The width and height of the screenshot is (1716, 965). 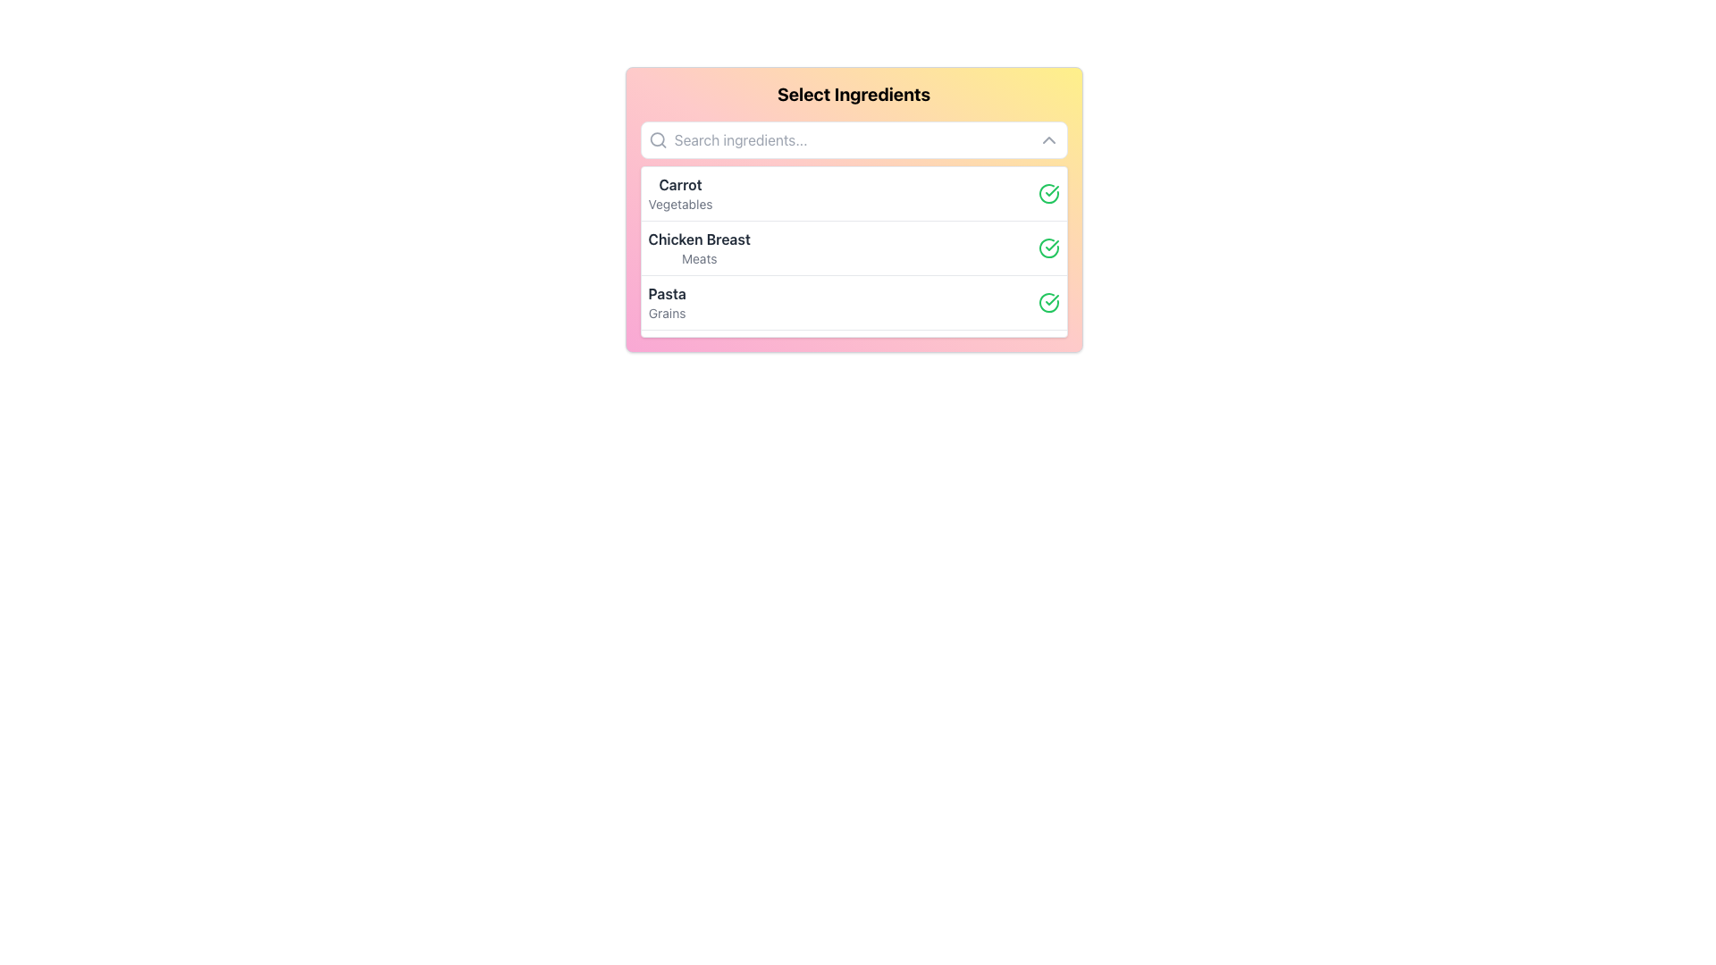 What do you see at coordinates (679, 193) in the screenshot?
I see `on the 'Carrot' text label, which is styled prominently as a title in bold font, located in the 'Select Ingredients' section of the list` at bounding box center [679, 193].